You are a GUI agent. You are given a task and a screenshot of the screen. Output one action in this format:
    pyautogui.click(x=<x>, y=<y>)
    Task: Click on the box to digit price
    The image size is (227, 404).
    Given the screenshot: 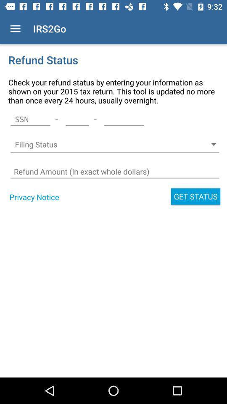 What is the action you would take?
    pyautogui.click(x=114, y=171)
    